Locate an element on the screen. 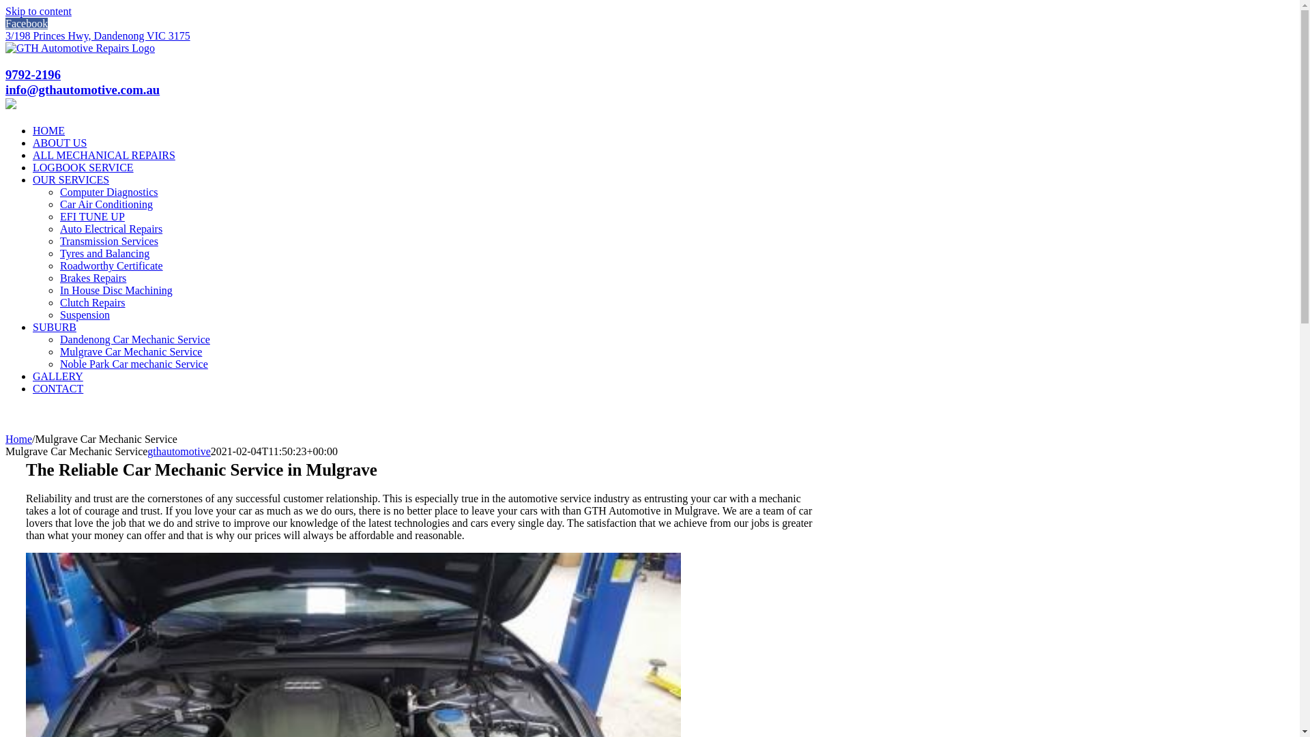 The image size is (1310, 737). 'Car Air Conditioning' is located at coordinates (106, 204).